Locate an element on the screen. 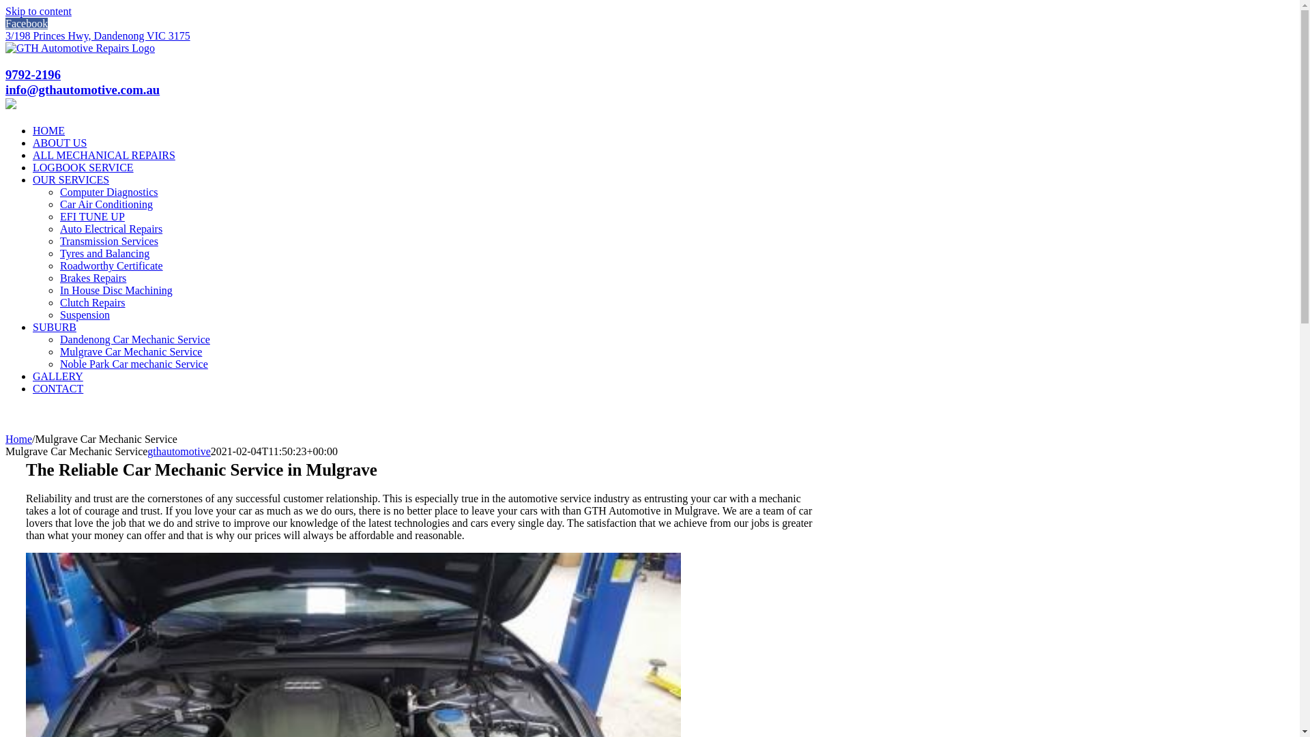 The image size is (1310, 737). 'Car Air Conditioning' is located at coordinates (106, 204).